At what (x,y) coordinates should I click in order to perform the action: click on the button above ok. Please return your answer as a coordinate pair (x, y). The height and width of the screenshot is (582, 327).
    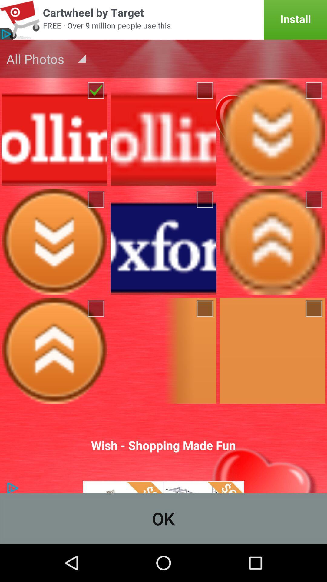
    Looking at the image, I should click on (163, 451).